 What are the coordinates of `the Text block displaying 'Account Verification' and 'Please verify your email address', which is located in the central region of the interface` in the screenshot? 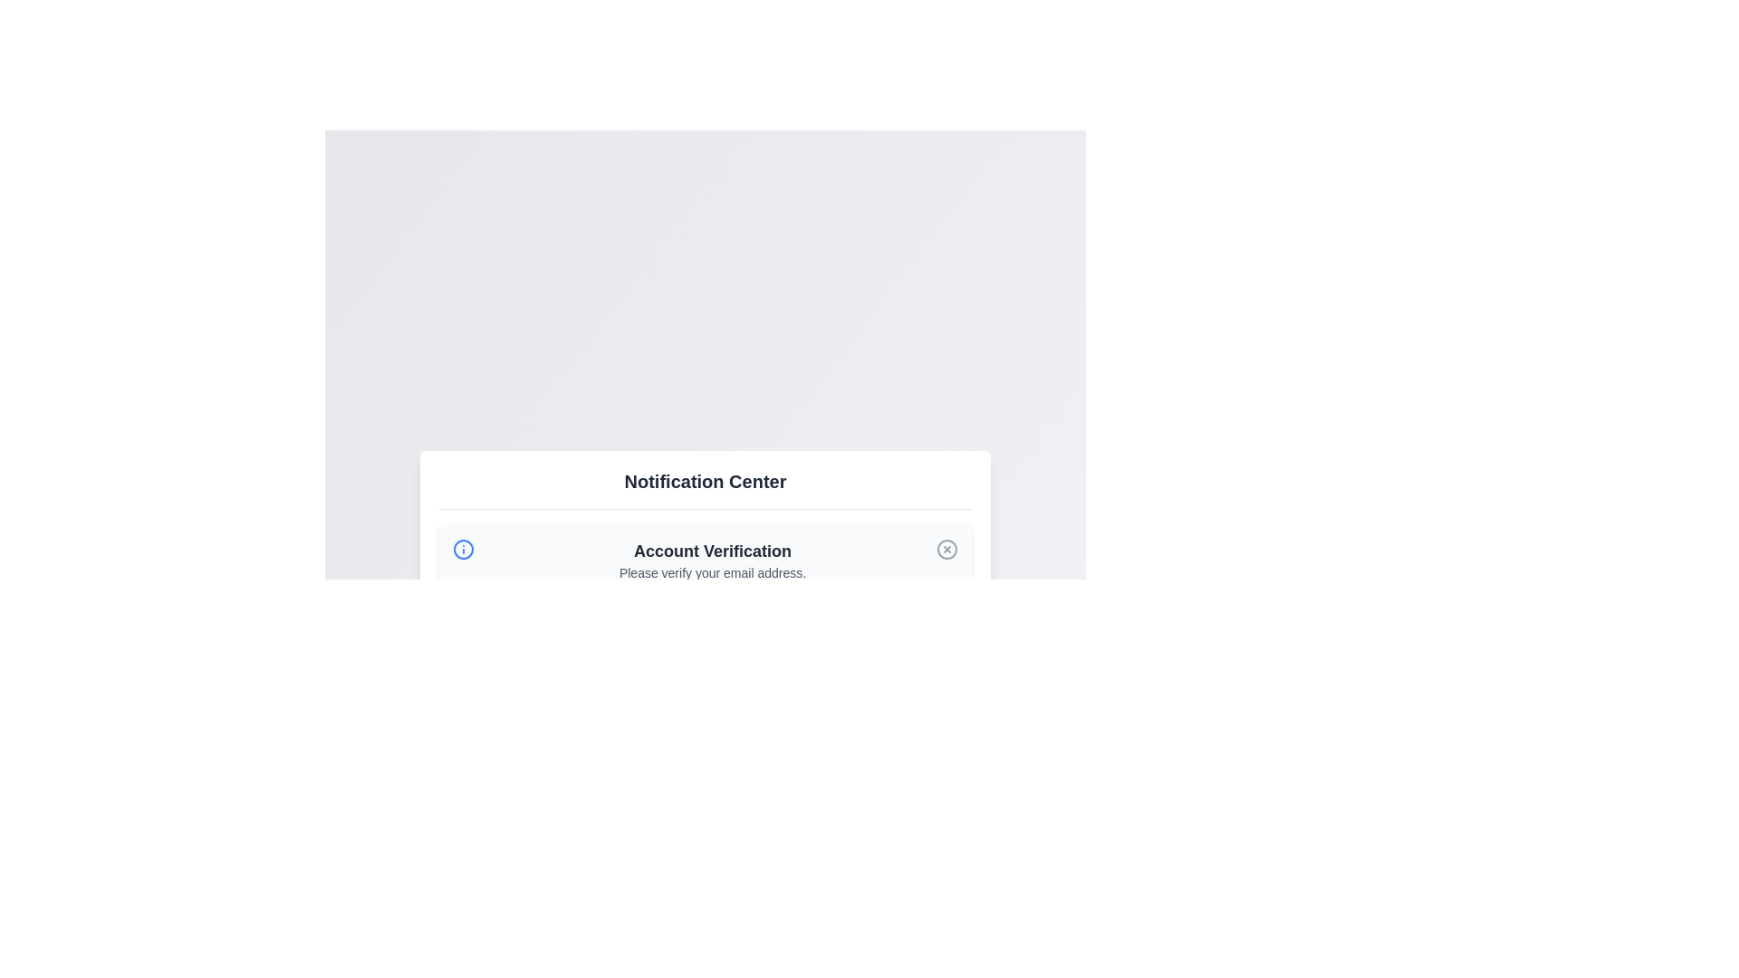 It's located at (712, 559).